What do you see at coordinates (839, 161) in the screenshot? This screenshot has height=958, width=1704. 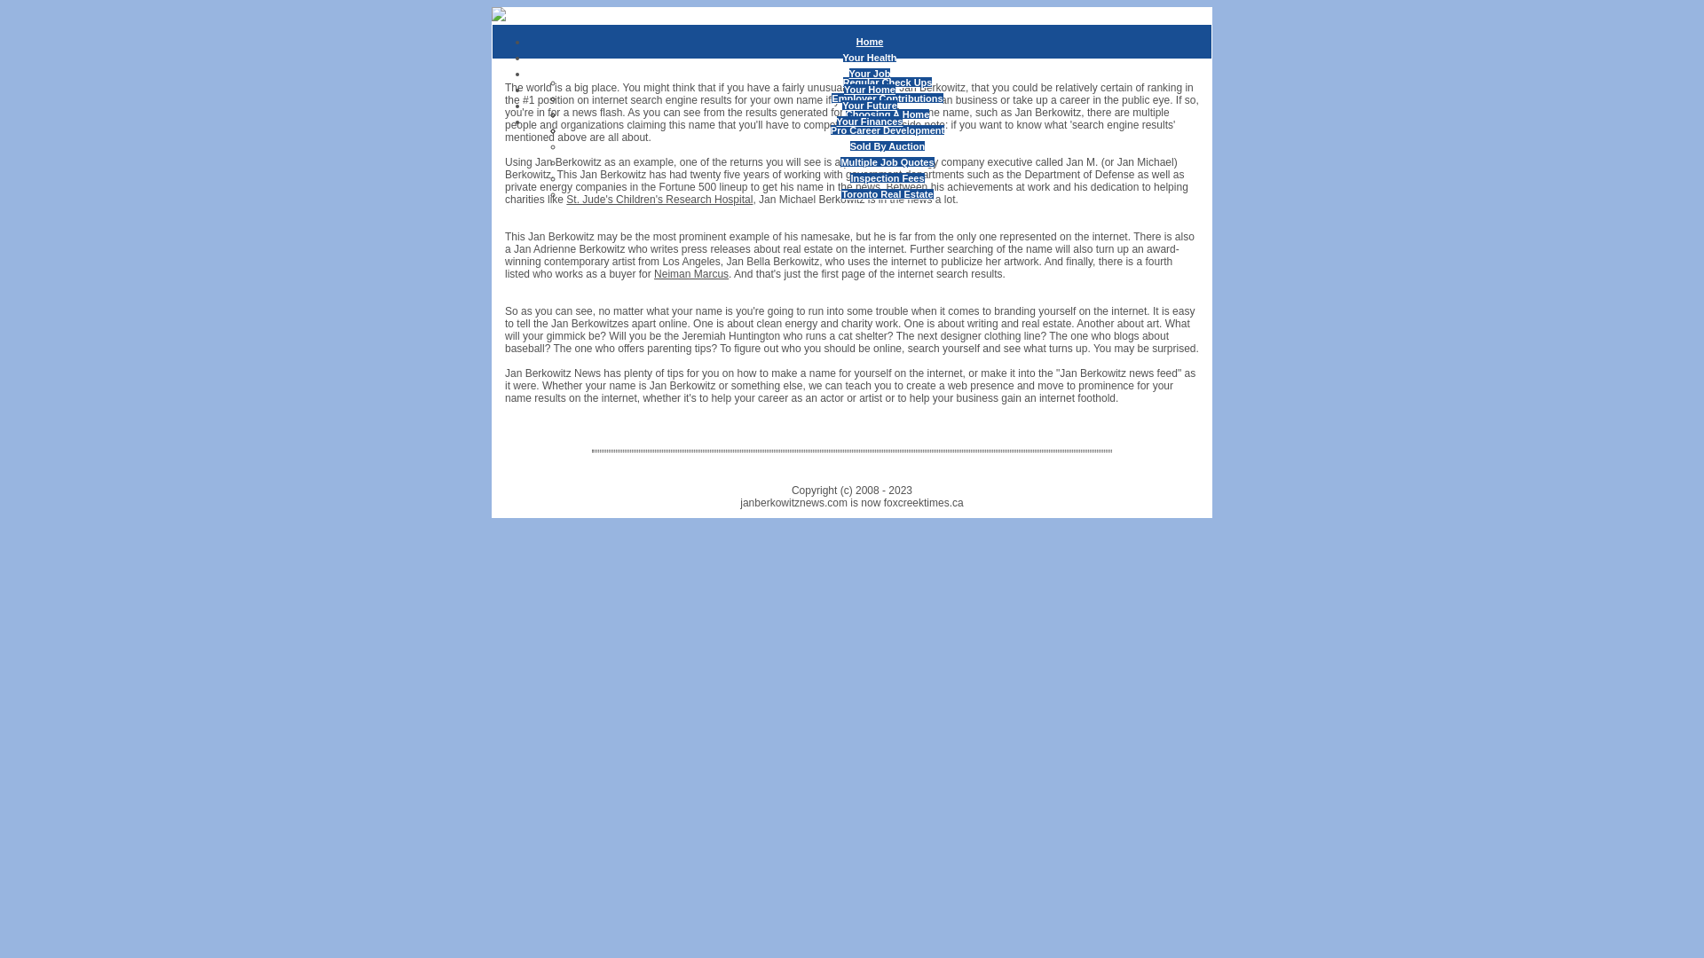 I see `'Multiple Job Quotes'` at bounding box center [839, 161].